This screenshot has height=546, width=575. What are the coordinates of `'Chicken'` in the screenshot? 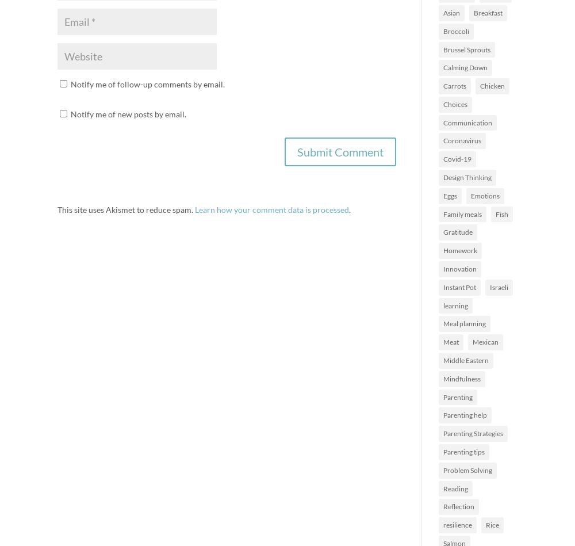 It's located at (492, 86).